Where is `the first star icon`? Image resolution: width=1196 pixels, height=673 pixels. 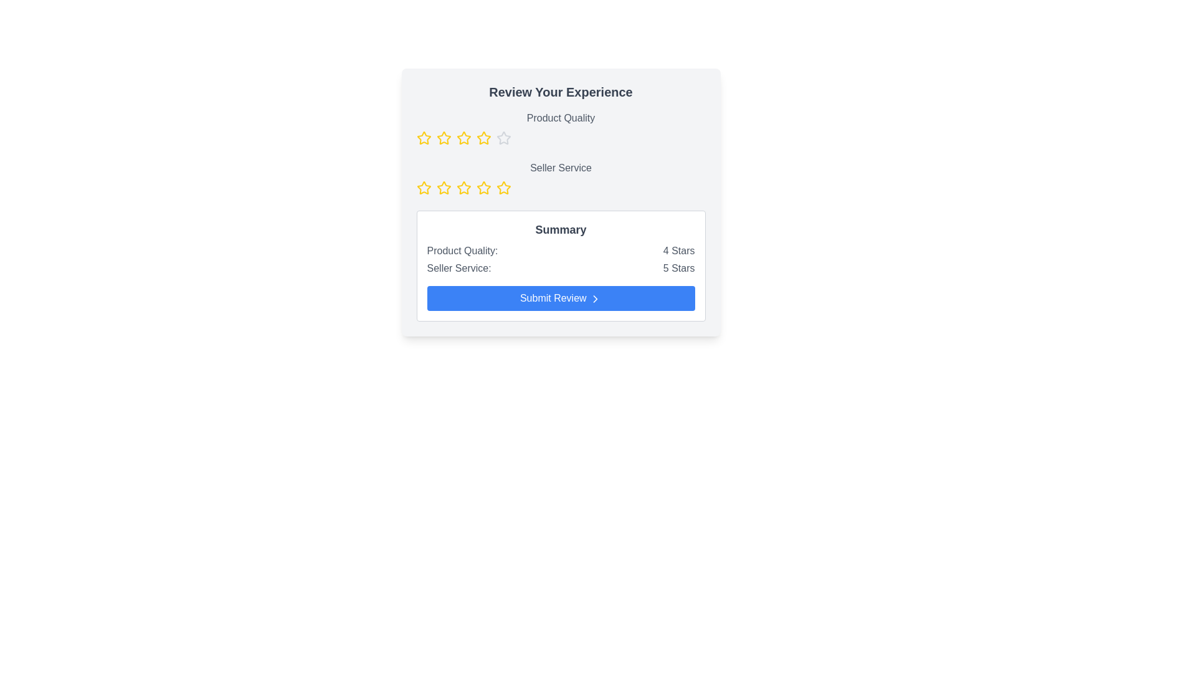
the first star icon is located at coordinates (424, 138).